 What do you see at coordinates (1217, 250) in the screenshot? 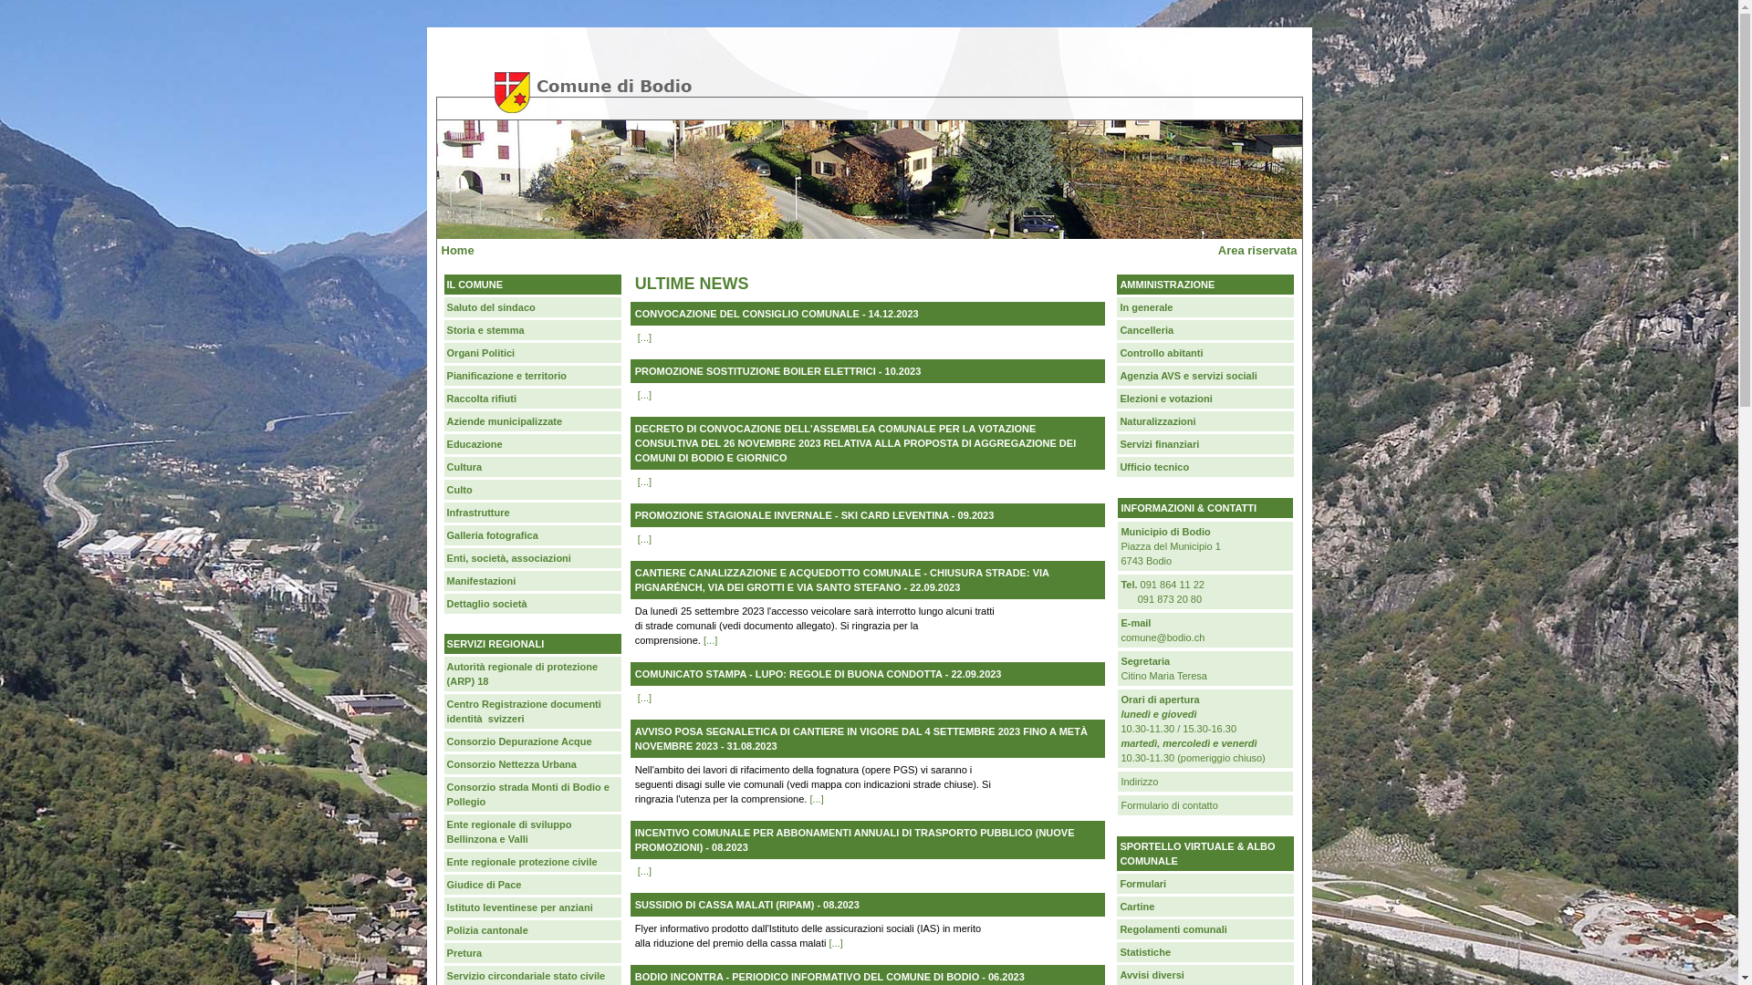
I see `'Area riservata'` at bounding box center [1217, 250].